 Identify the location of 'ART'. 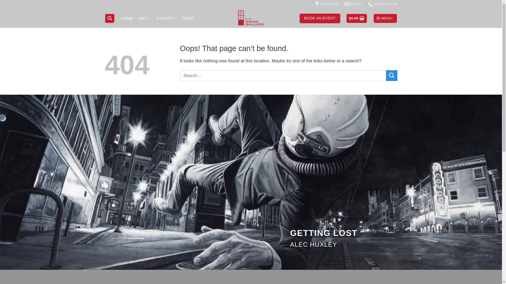
(139, 18).